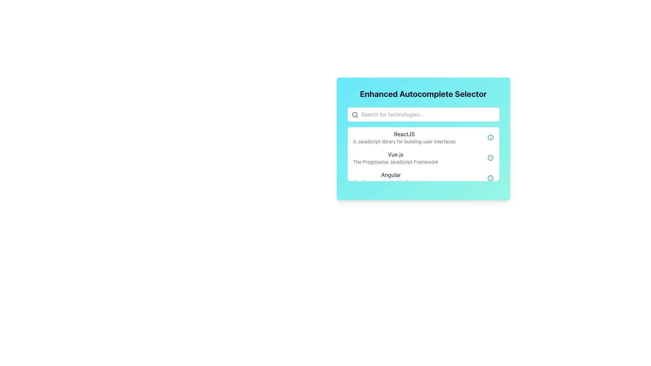  Describe the element at coordinates (391, 178) in the screenshot. I see `the text element that displays 'Angular' in bold dark gray font, which is the third entry in a vertically stacked list of items` at that location.